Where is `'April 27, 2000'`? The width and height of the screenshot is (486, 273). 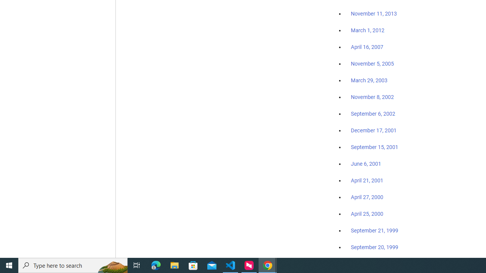 'April 27, 2000' is located at coordinates (367, 197).